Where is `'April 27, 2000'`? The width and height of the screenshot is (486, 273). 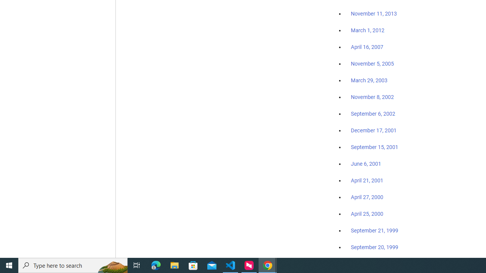 'April 27, 2000' is located at coordinates (367, 197).